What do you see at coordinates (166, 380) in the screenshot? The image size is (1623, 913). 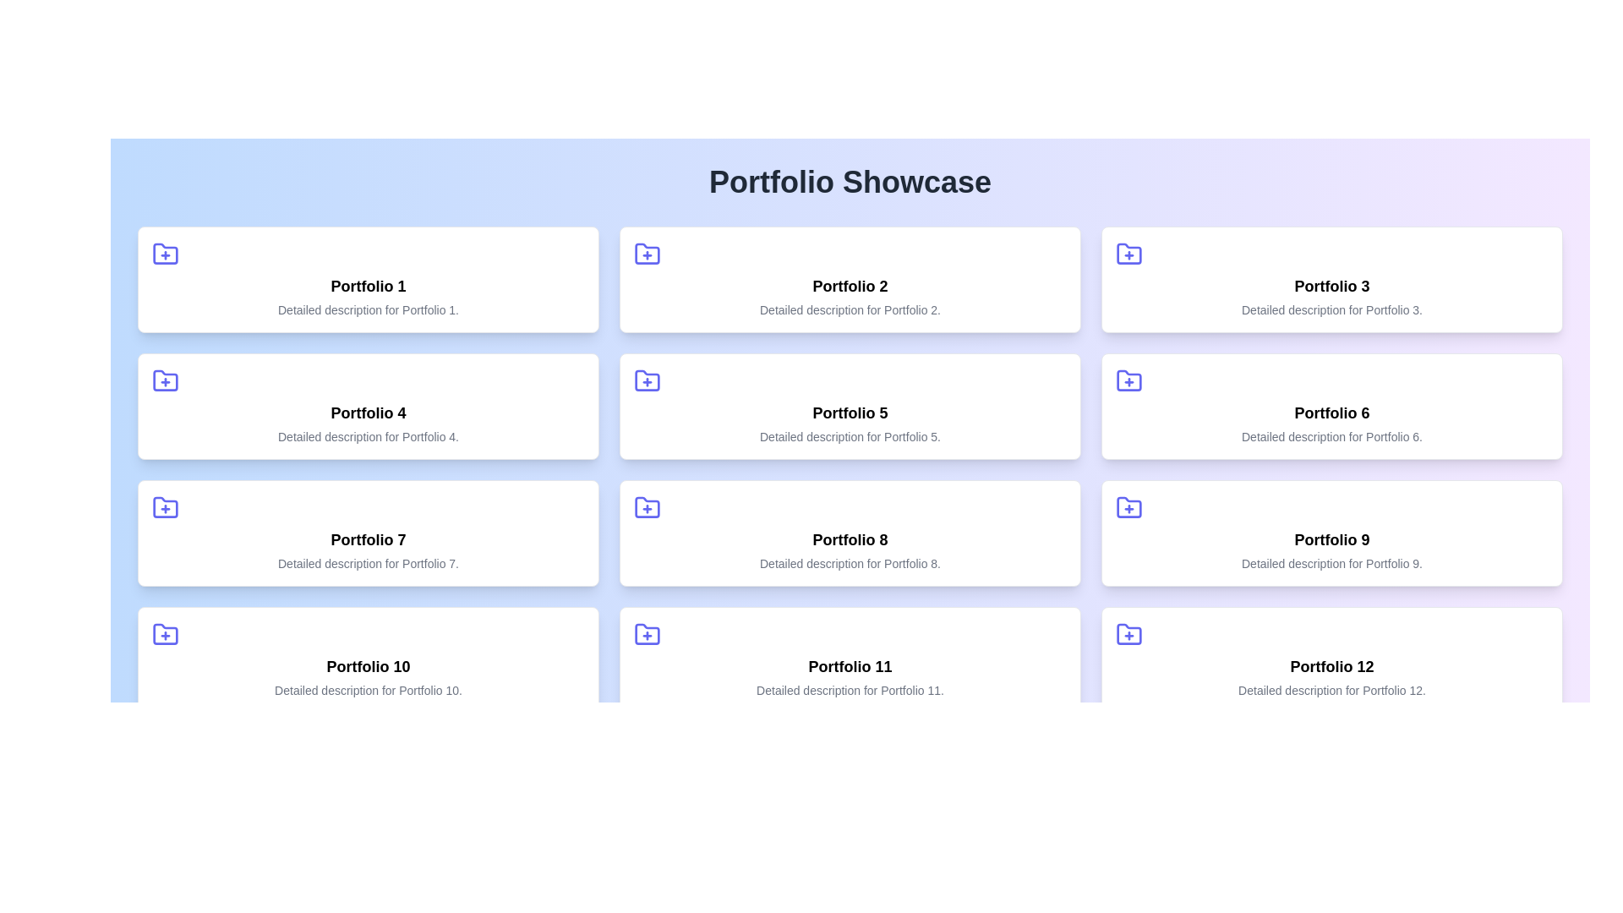 I see `the purple folder-shaped icon with a '+' symbol, located to the left of the 'Portfolio 4' text in the second row of the grid layout` at bounding box center [166, 380].